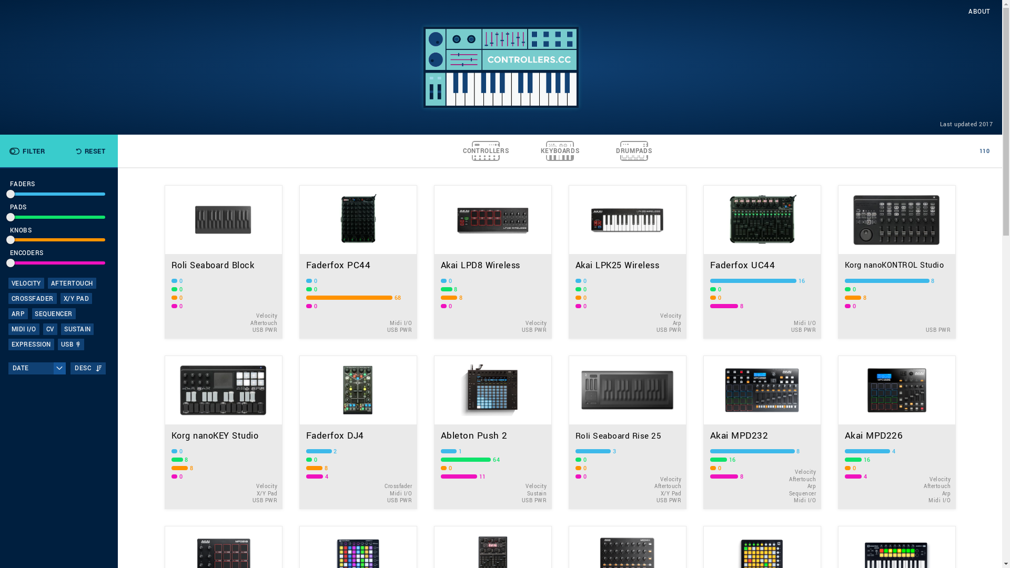 The width and height of the screenshot is (1010, 568). I want to click on 'CONTROLLERS', so click(485, 150).